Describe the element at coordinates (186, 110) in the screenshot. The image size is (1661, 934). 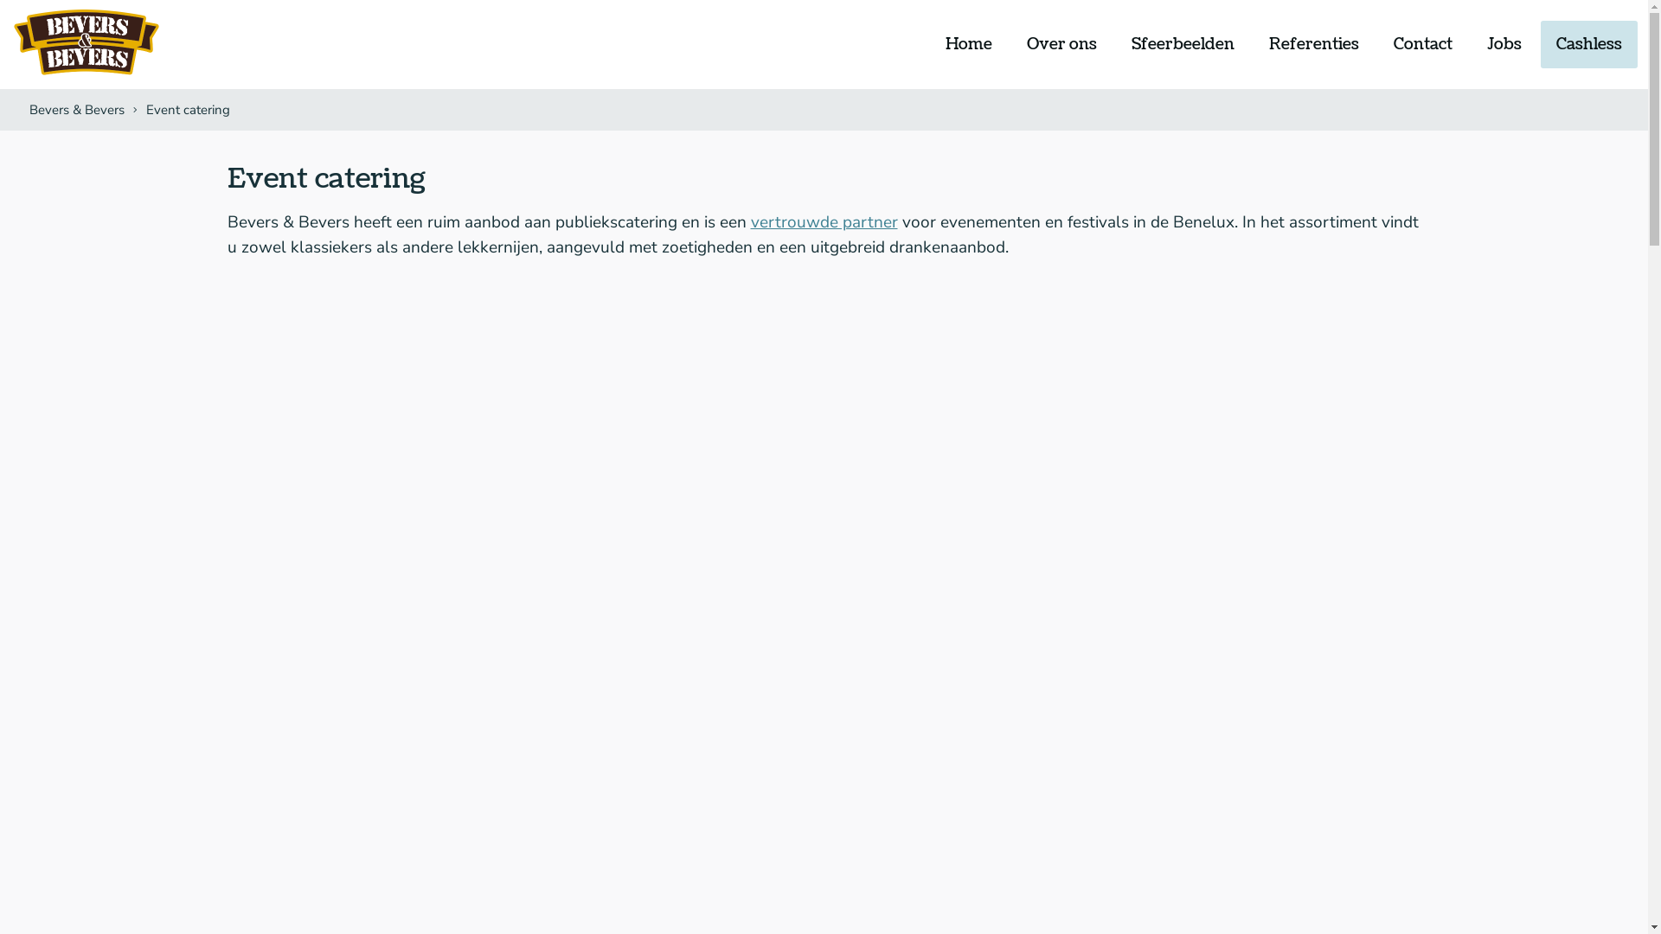
I see `'Event catering'` at that location.